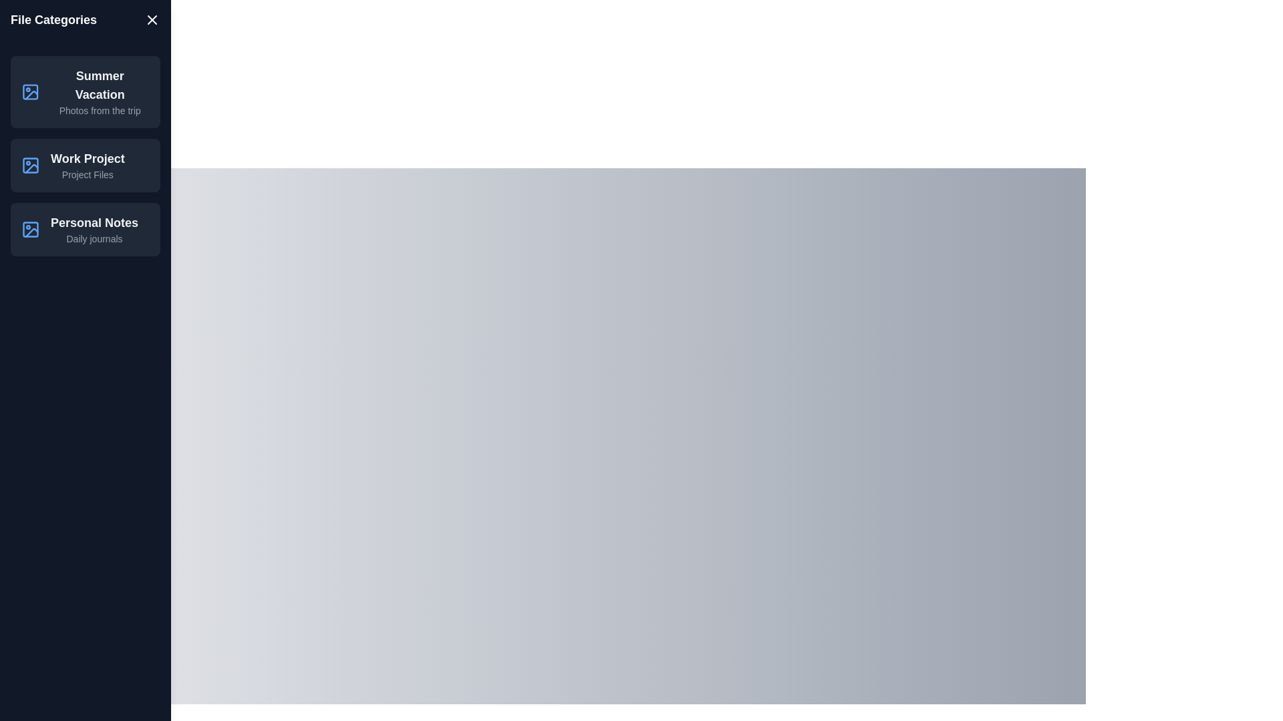  Describe the element at coordinates (85, 164) in the screenshot. I see `the item Work Project from the list to view its details` at that location.